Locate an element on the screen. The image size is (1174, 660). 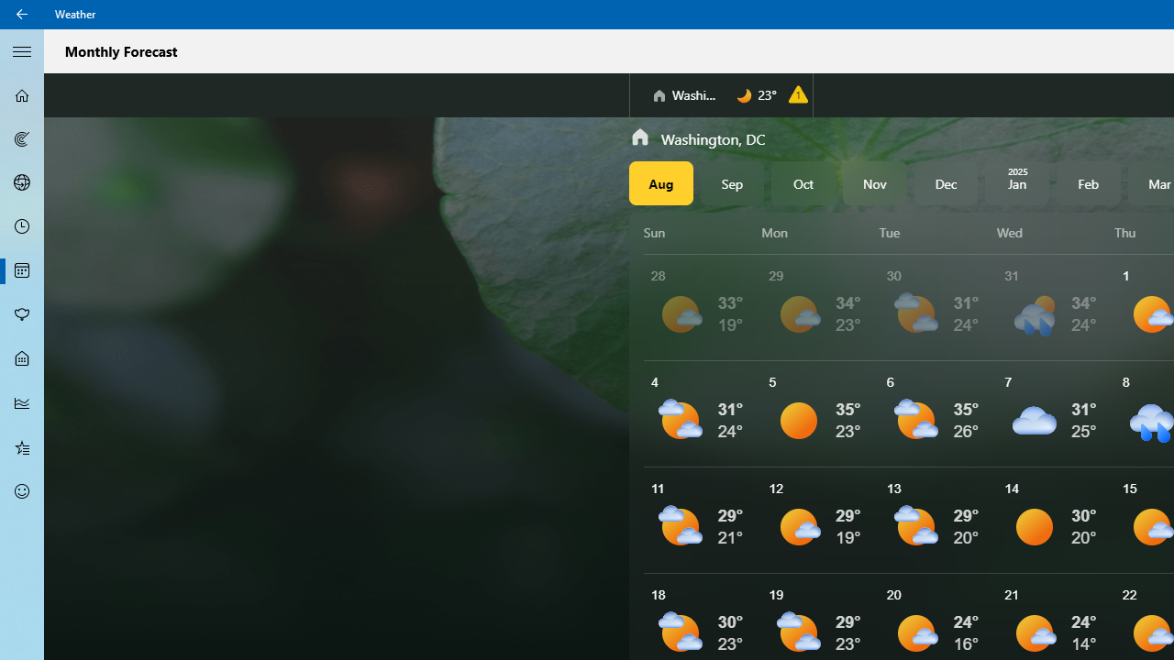
'Maps - Not Selected' is located at coordinates (22, 137).